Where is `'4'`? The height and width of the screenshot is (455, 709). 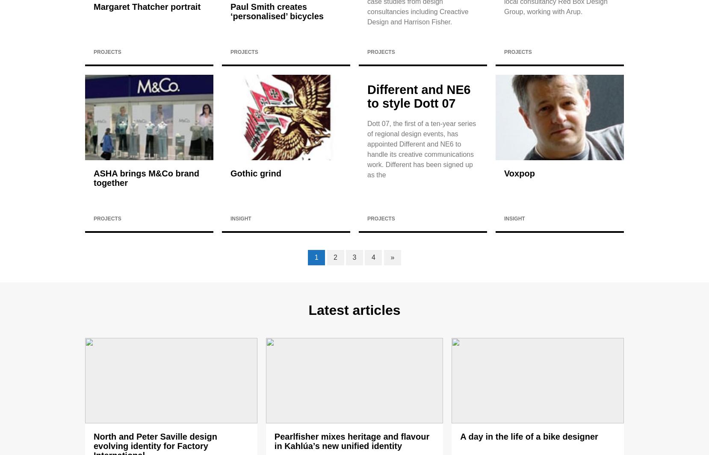 '4' is located at coordinates (372, 257).